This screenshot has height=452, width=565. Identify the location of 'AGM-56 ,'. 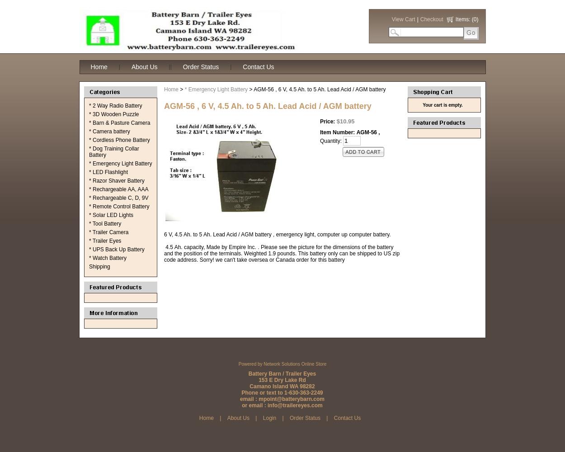
(356, 132).